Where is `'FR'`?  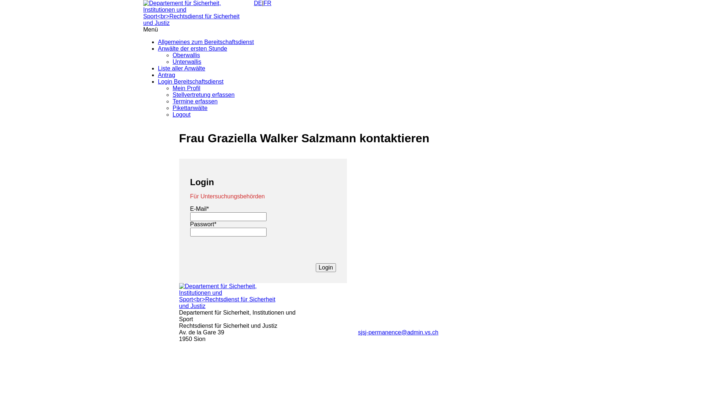
'FR' is located at coordinates (267, 3).